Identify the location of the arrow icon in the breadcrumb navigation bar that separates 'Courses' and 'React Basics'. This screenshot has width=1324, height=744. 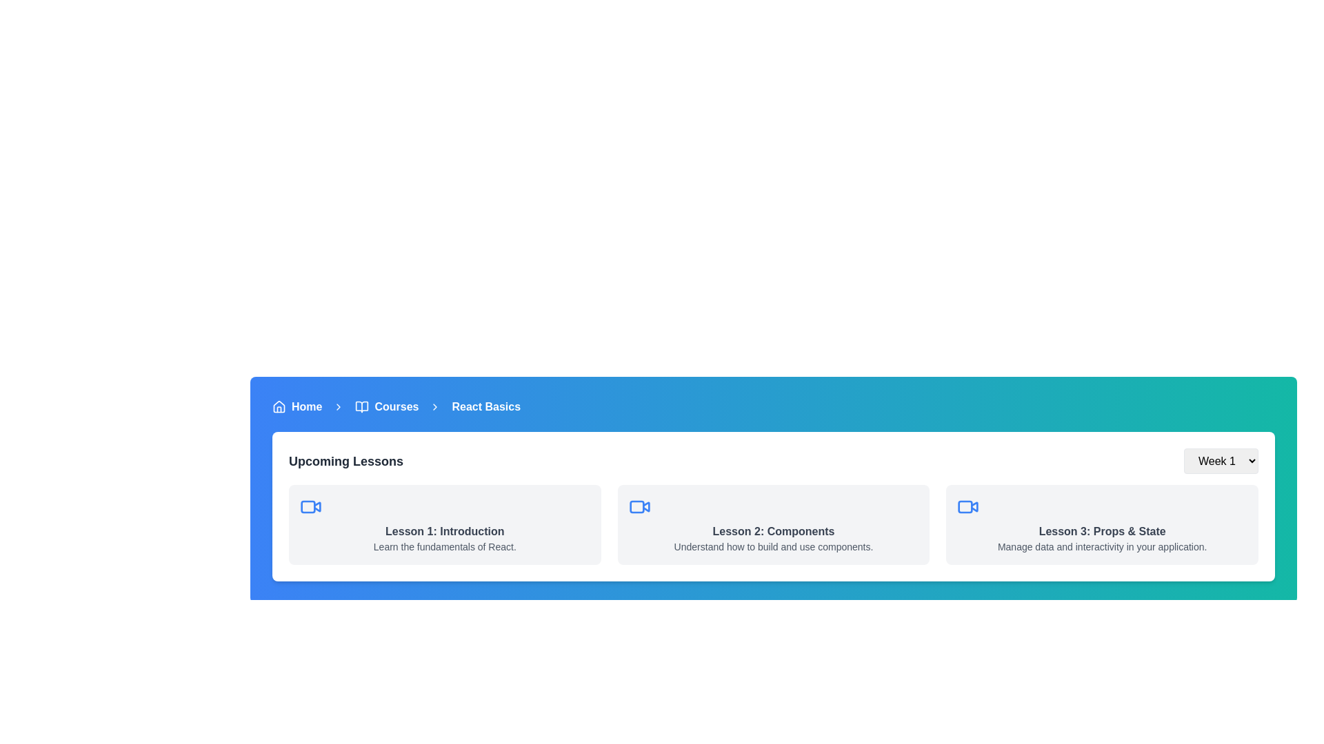
(434, 406).